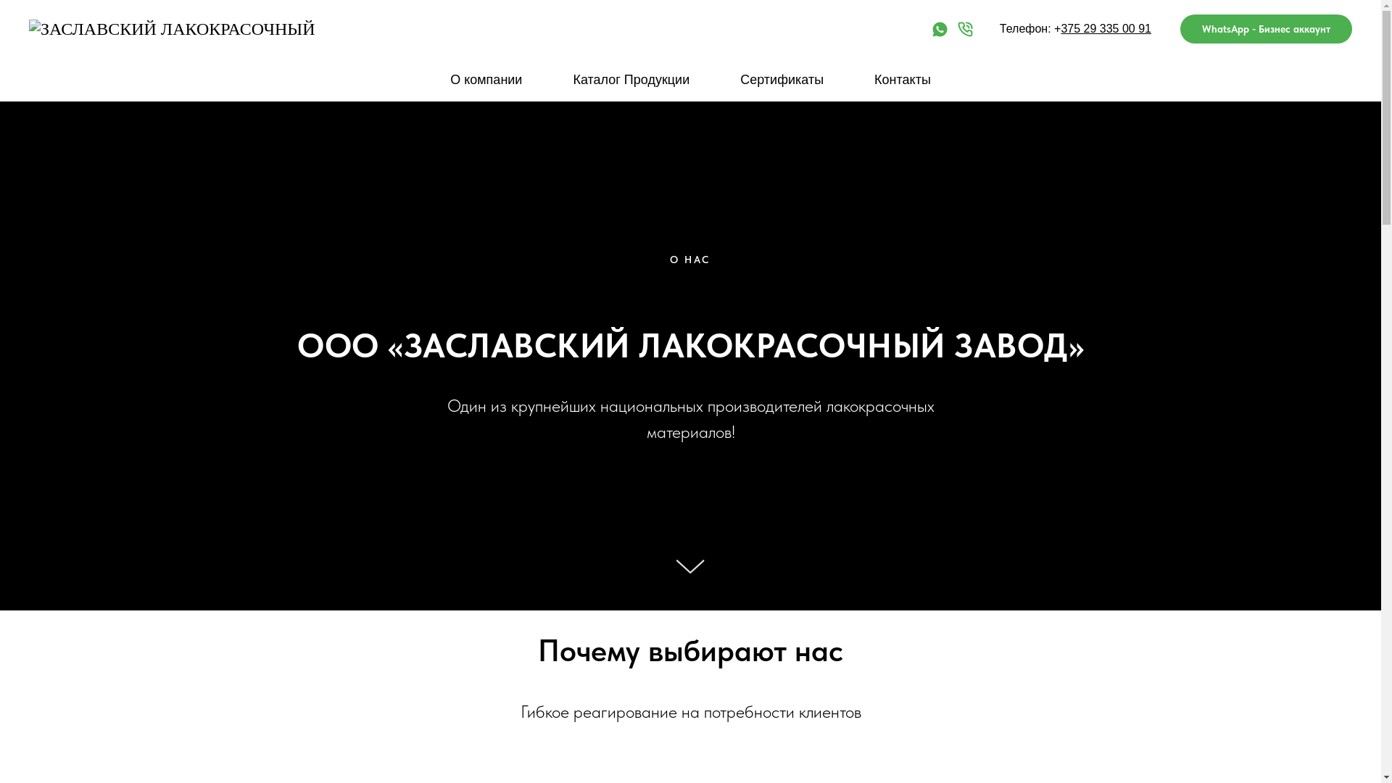 This screenshot has height=783, width=1392. I want to click on '375 29 335 00 91', so click(1105, 28).